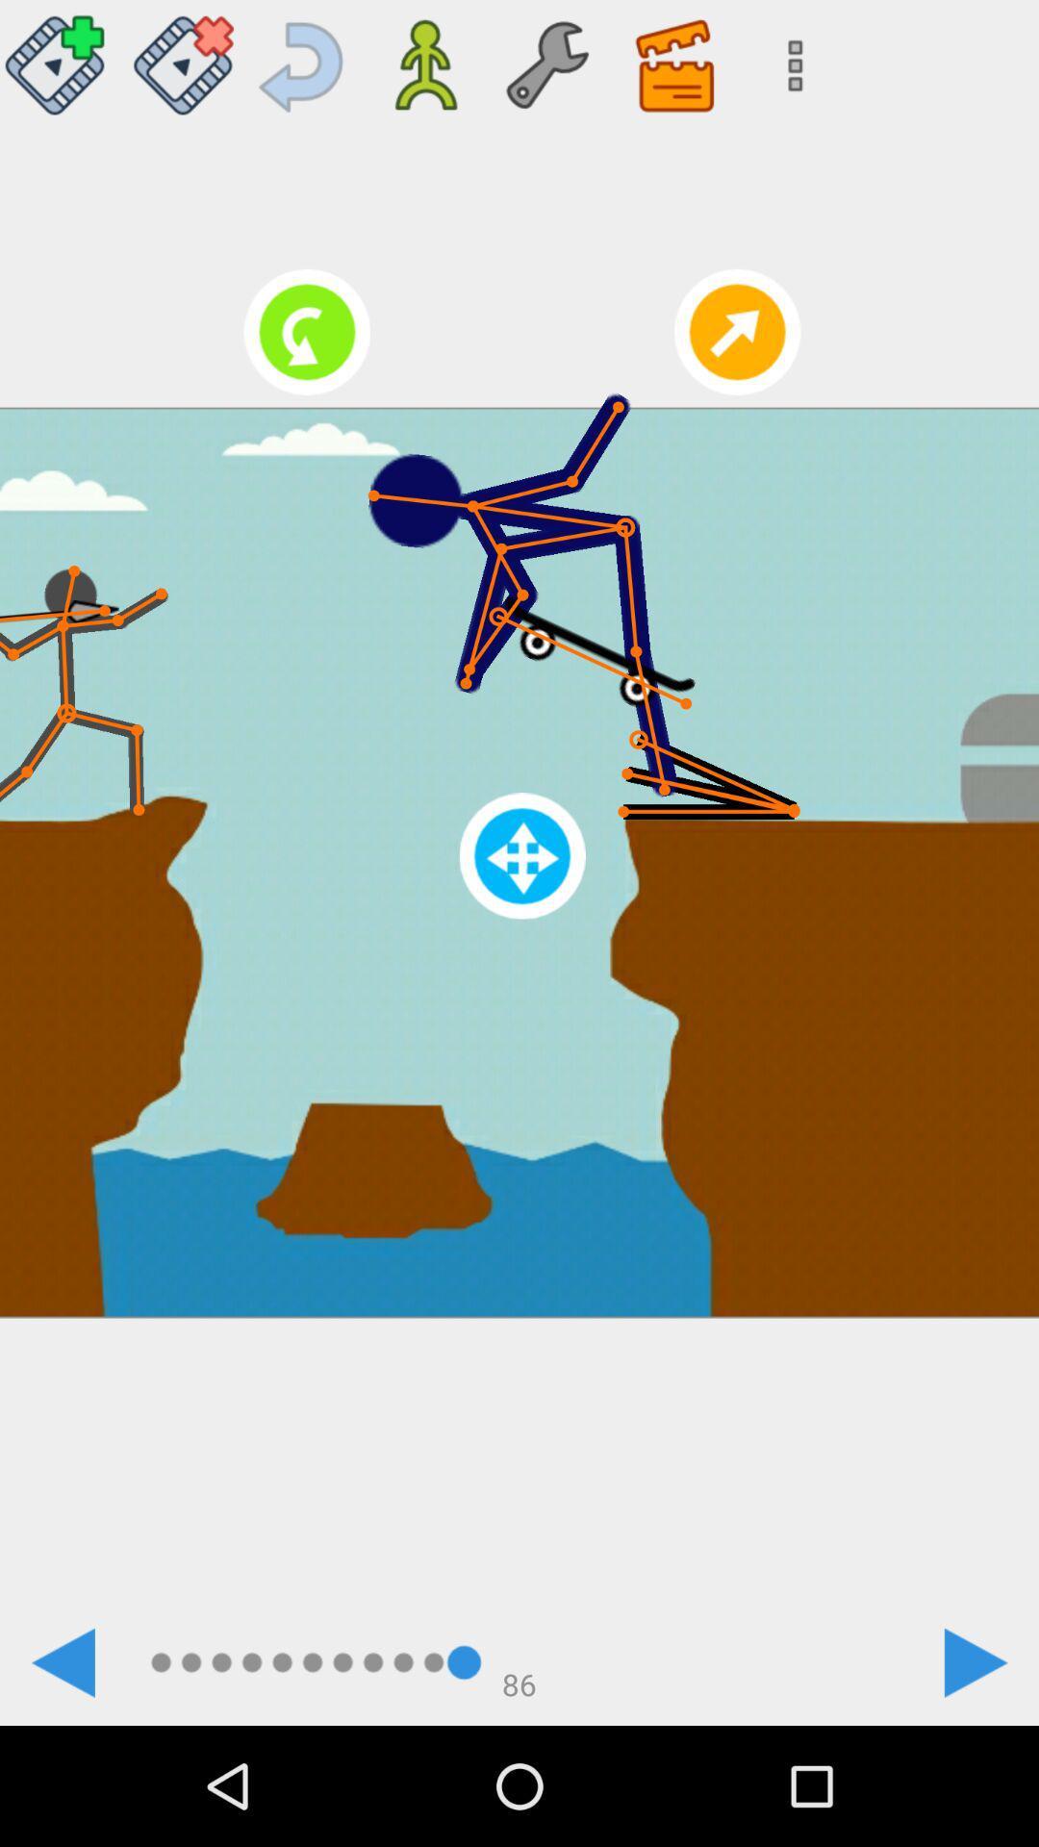 Image resolution: width=1039 pixels, height=1847 pixels. I want to click on the arrow_backward icon, so click(62, 1661).